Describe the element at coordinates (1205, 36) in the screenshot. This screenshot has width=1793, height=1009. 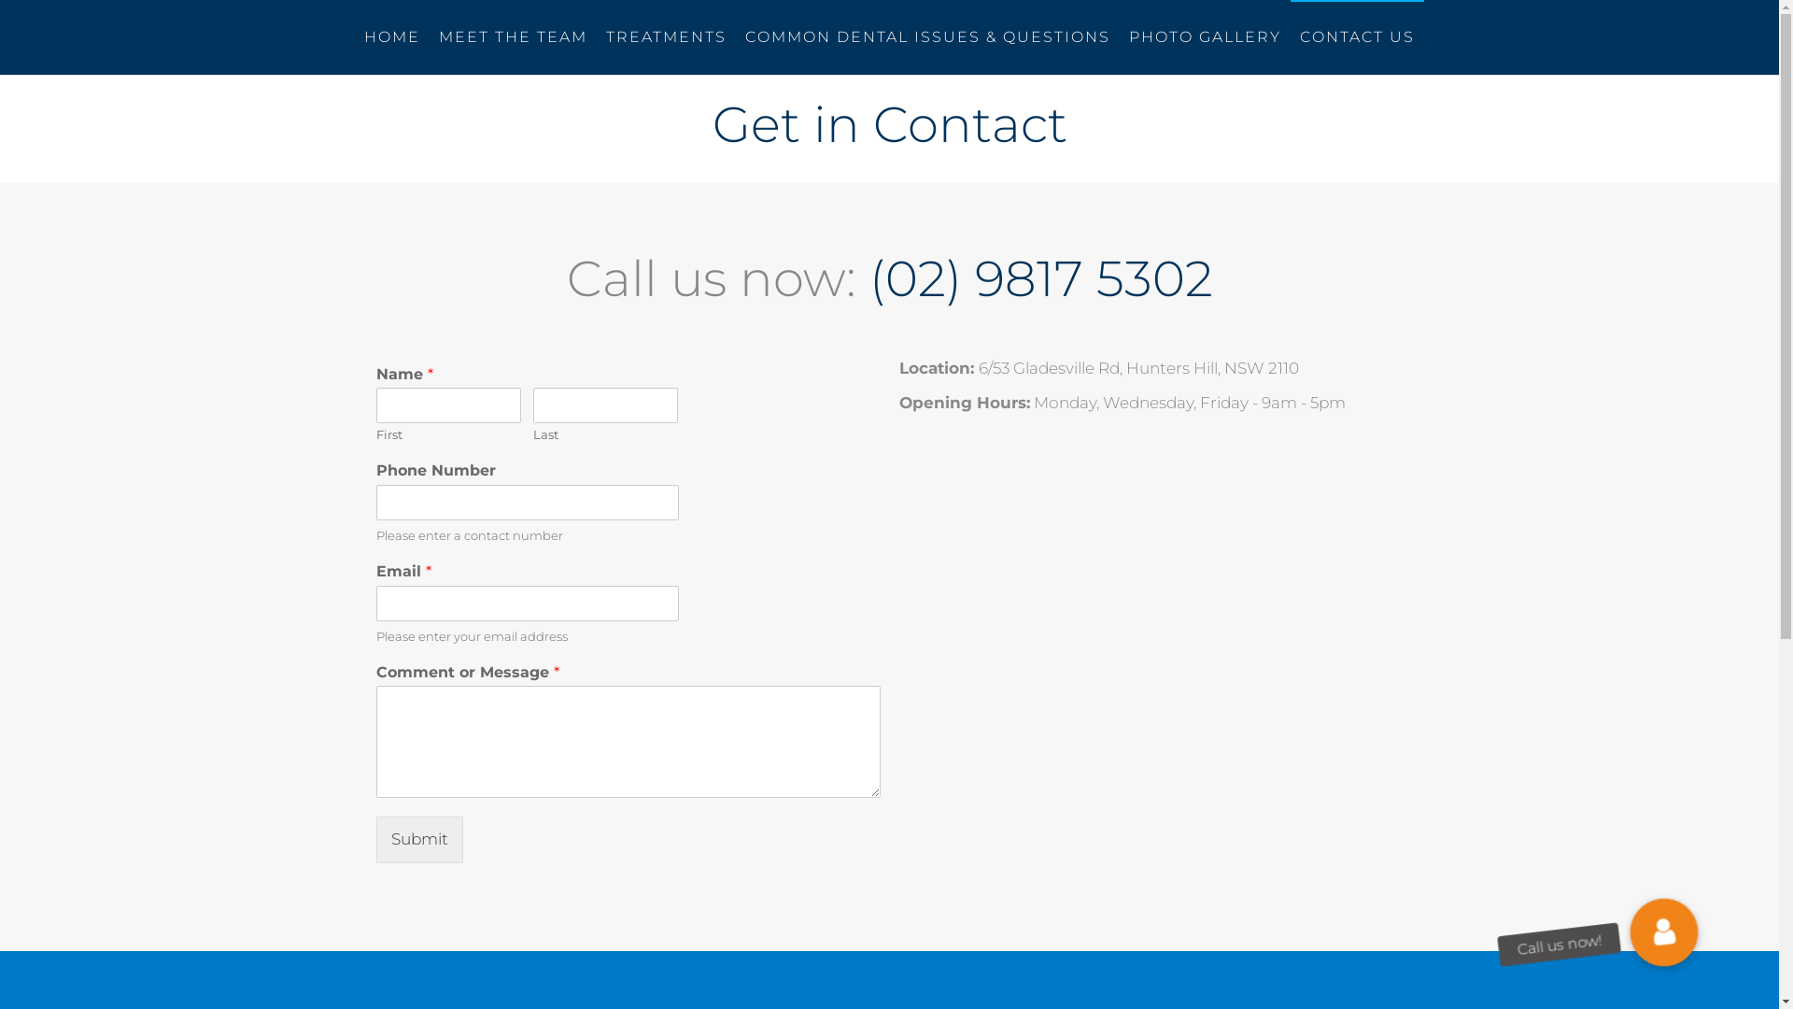
I see `'PHOTO GALLERY'` at that location.